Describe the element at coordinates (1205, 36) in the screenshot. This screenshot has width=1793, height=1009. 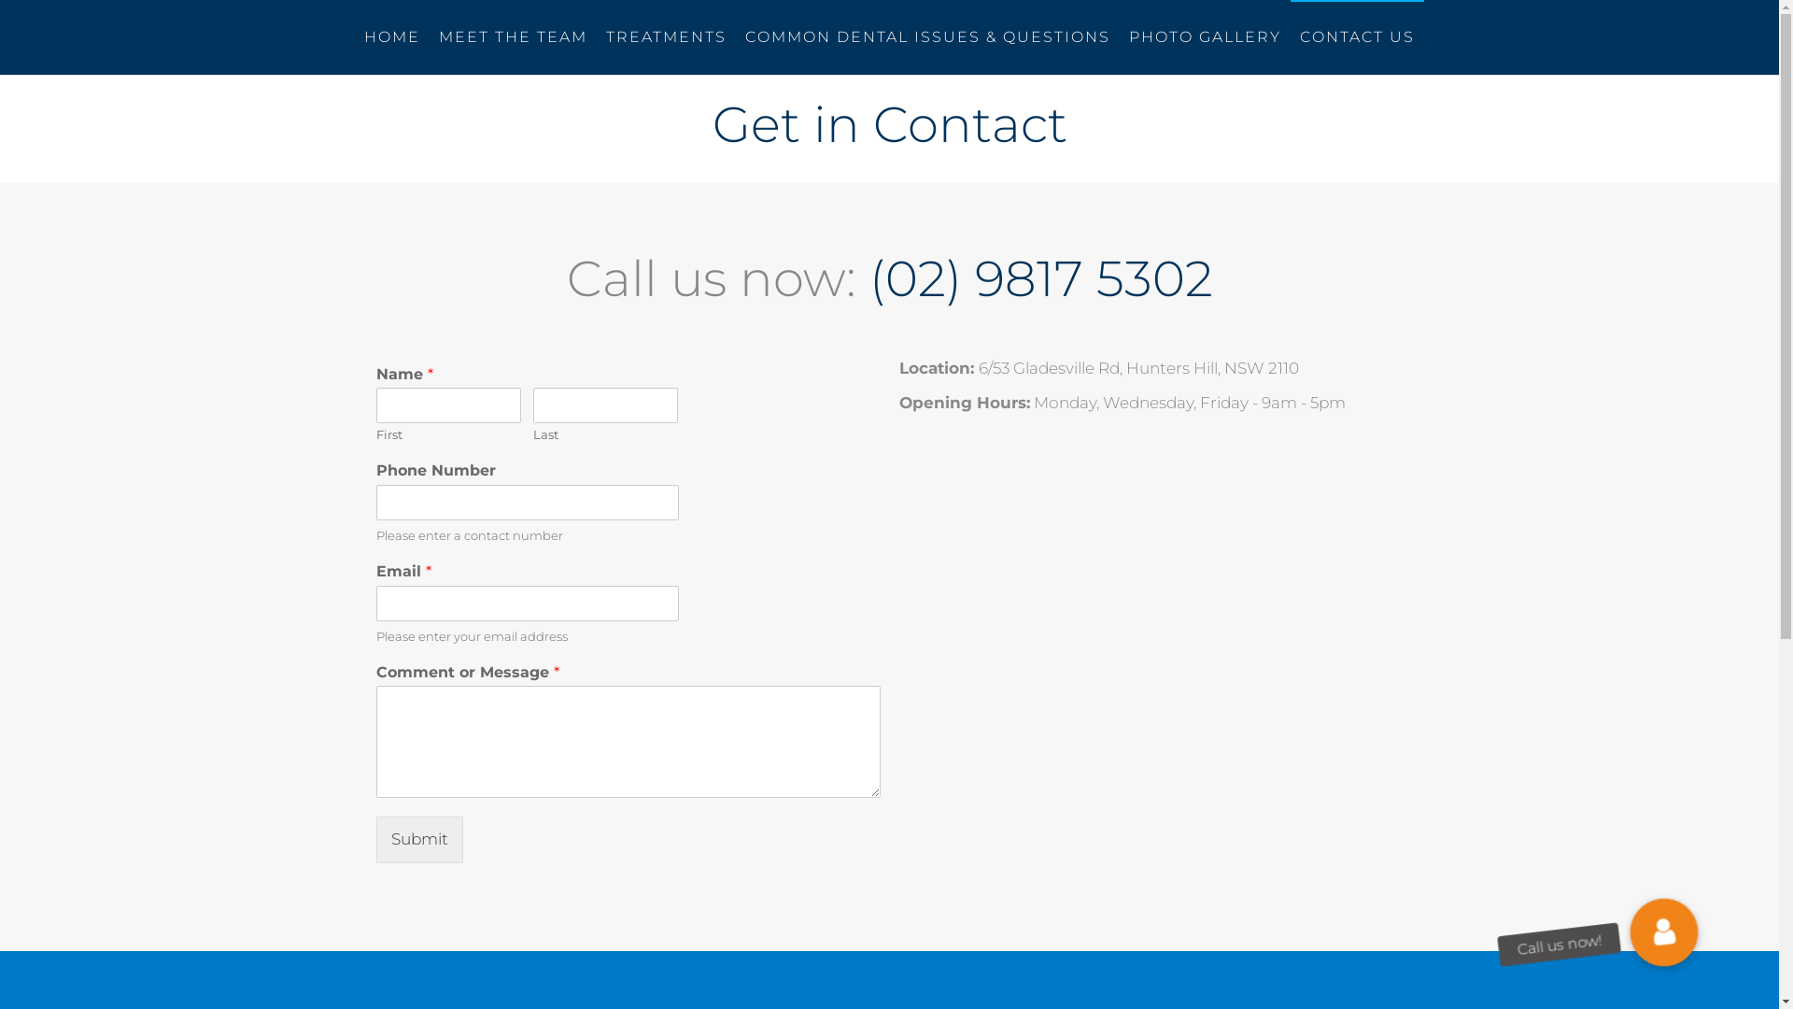
I see `'PHOTO GALLERY'` at that location.